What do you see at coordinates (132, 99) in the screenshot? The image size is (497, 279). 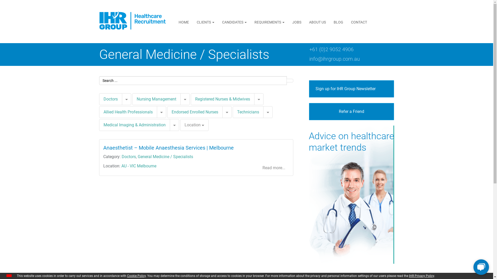 I see `'Nursing Management'` at bounding box center [132, 99].